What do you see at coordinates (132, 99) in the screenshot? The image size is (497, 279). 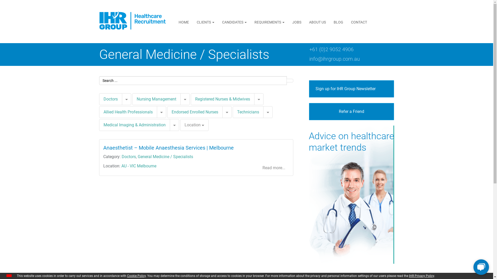 I see `'Nursing Management'` at bounding box center [132, 99].